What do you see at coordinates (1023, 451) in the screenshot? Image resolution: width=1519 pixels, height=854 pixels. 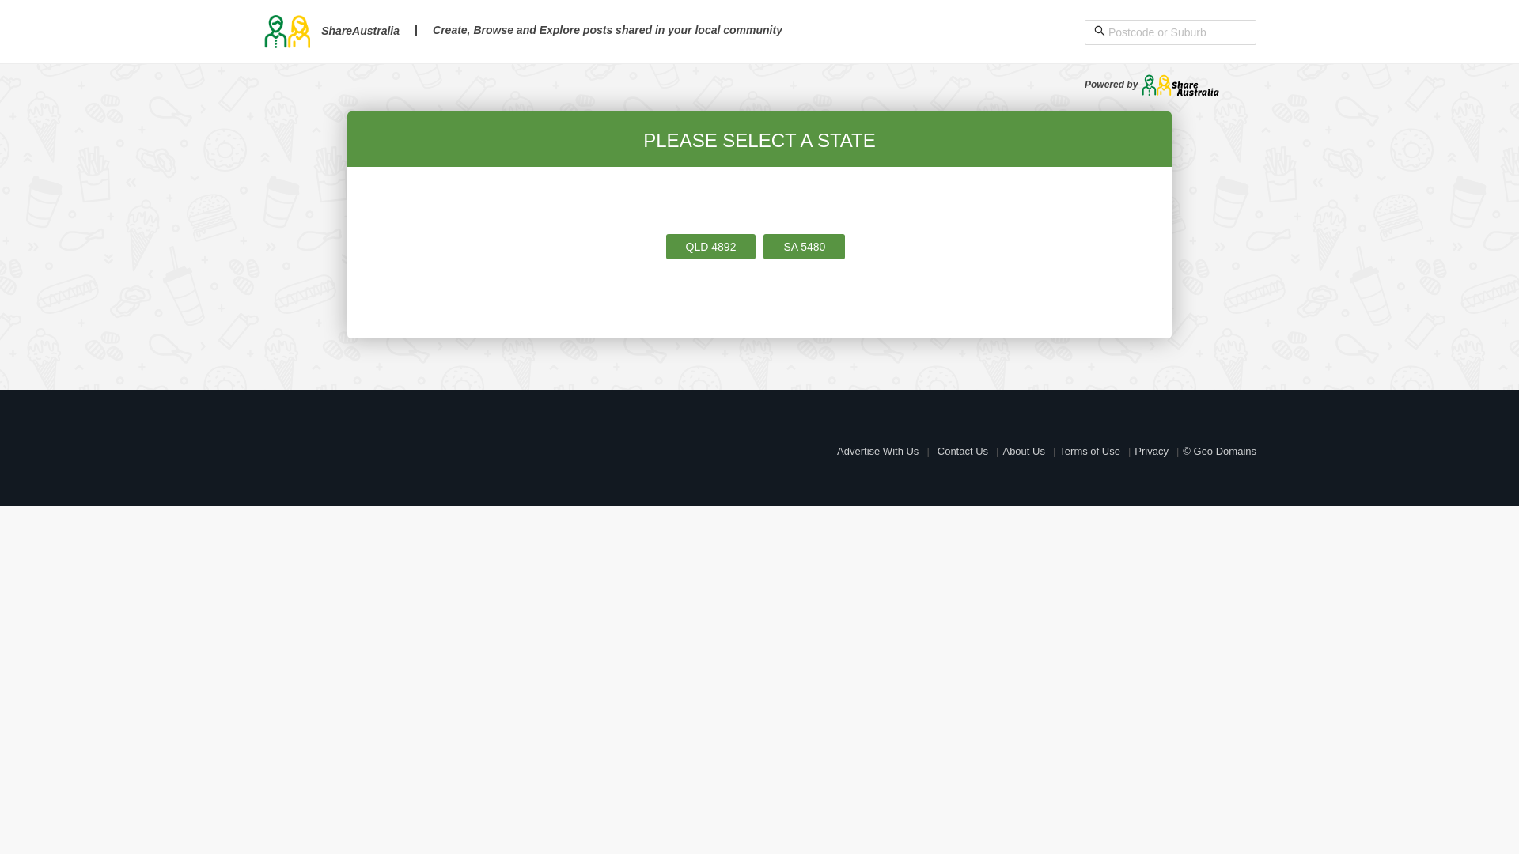 I see `'About Us'` at bounding box center [1023, 451].